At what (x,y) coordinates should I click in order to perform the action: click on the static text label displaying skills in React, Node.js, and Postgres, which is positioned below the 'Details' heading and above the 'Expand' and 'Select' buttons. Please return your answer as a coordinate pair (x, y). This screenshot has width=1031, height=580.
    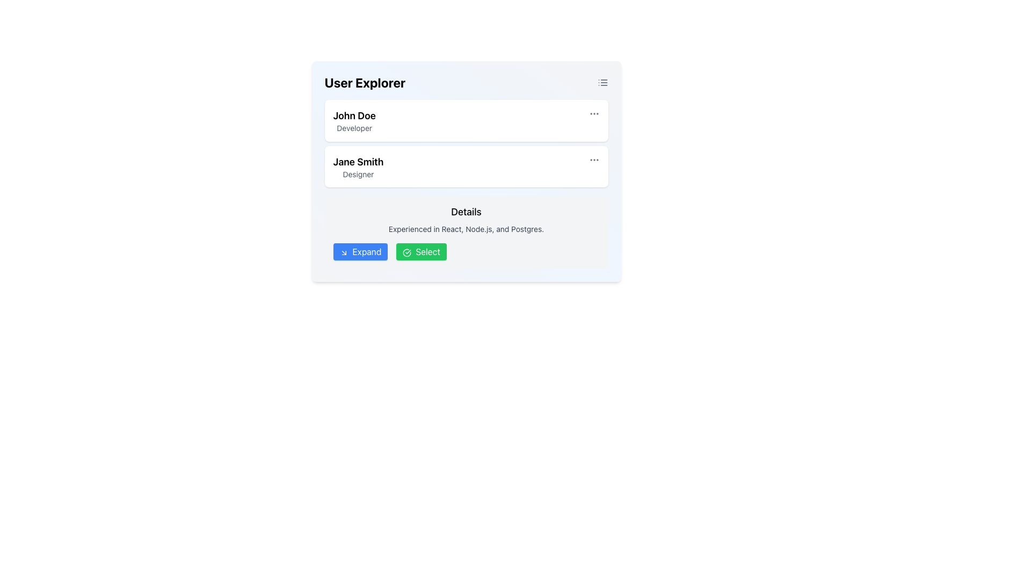
    Looking at the image, I should click on (466, 229).